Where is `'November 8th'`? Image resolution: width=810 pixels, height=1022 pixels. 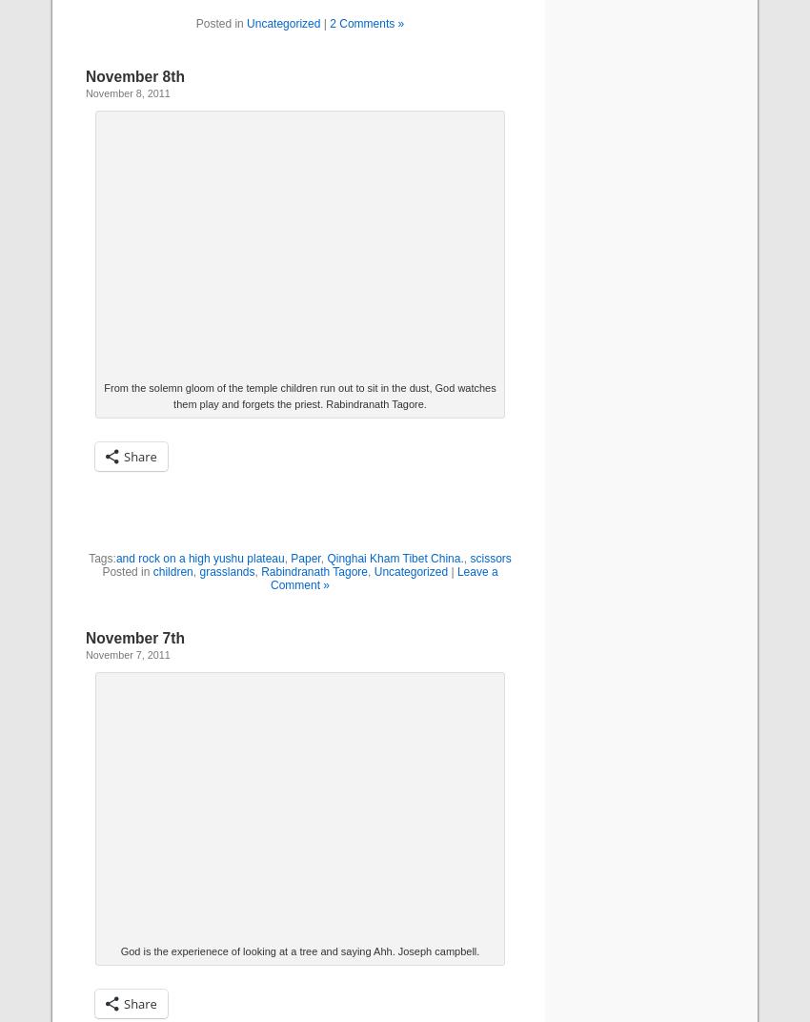
'November 8th' is located at coordinates (135, 75).